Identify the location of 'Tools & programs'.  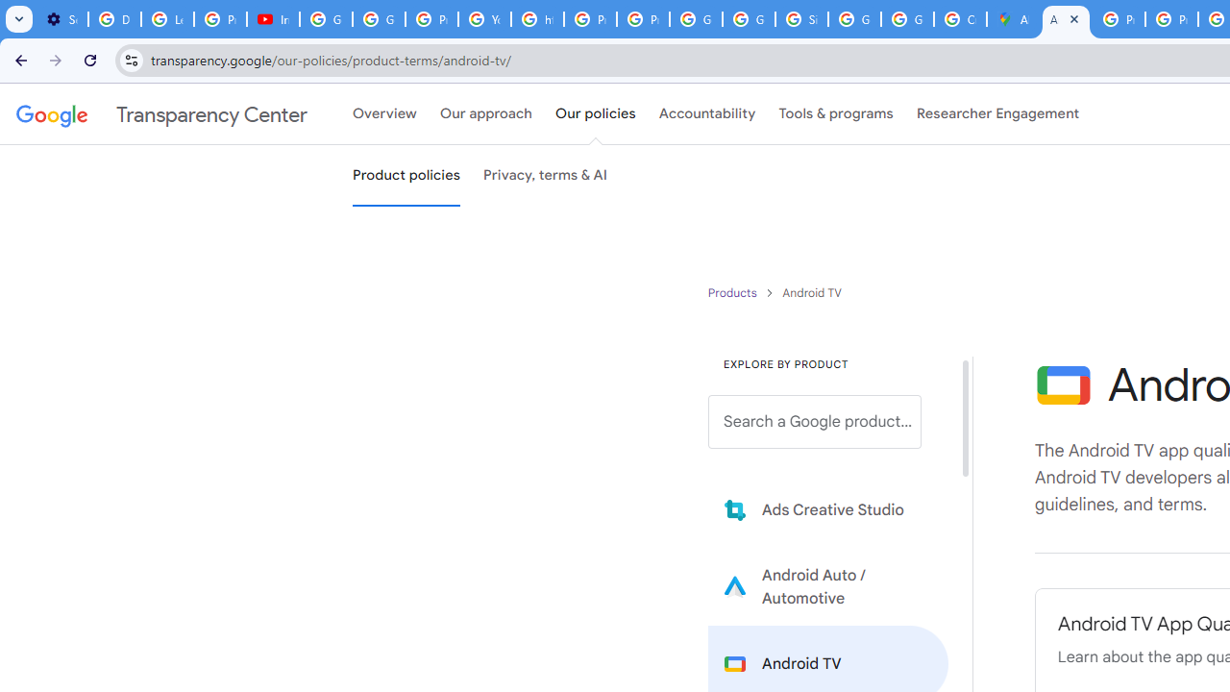
(835, 114).